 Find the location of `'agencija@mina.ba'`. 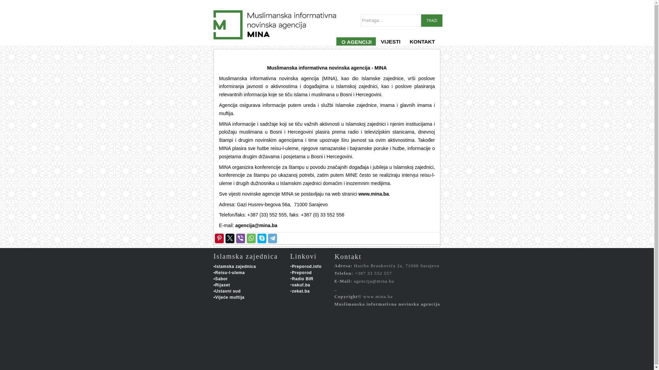

'agencija@mina.ba' is located at coordinates (256, 225).